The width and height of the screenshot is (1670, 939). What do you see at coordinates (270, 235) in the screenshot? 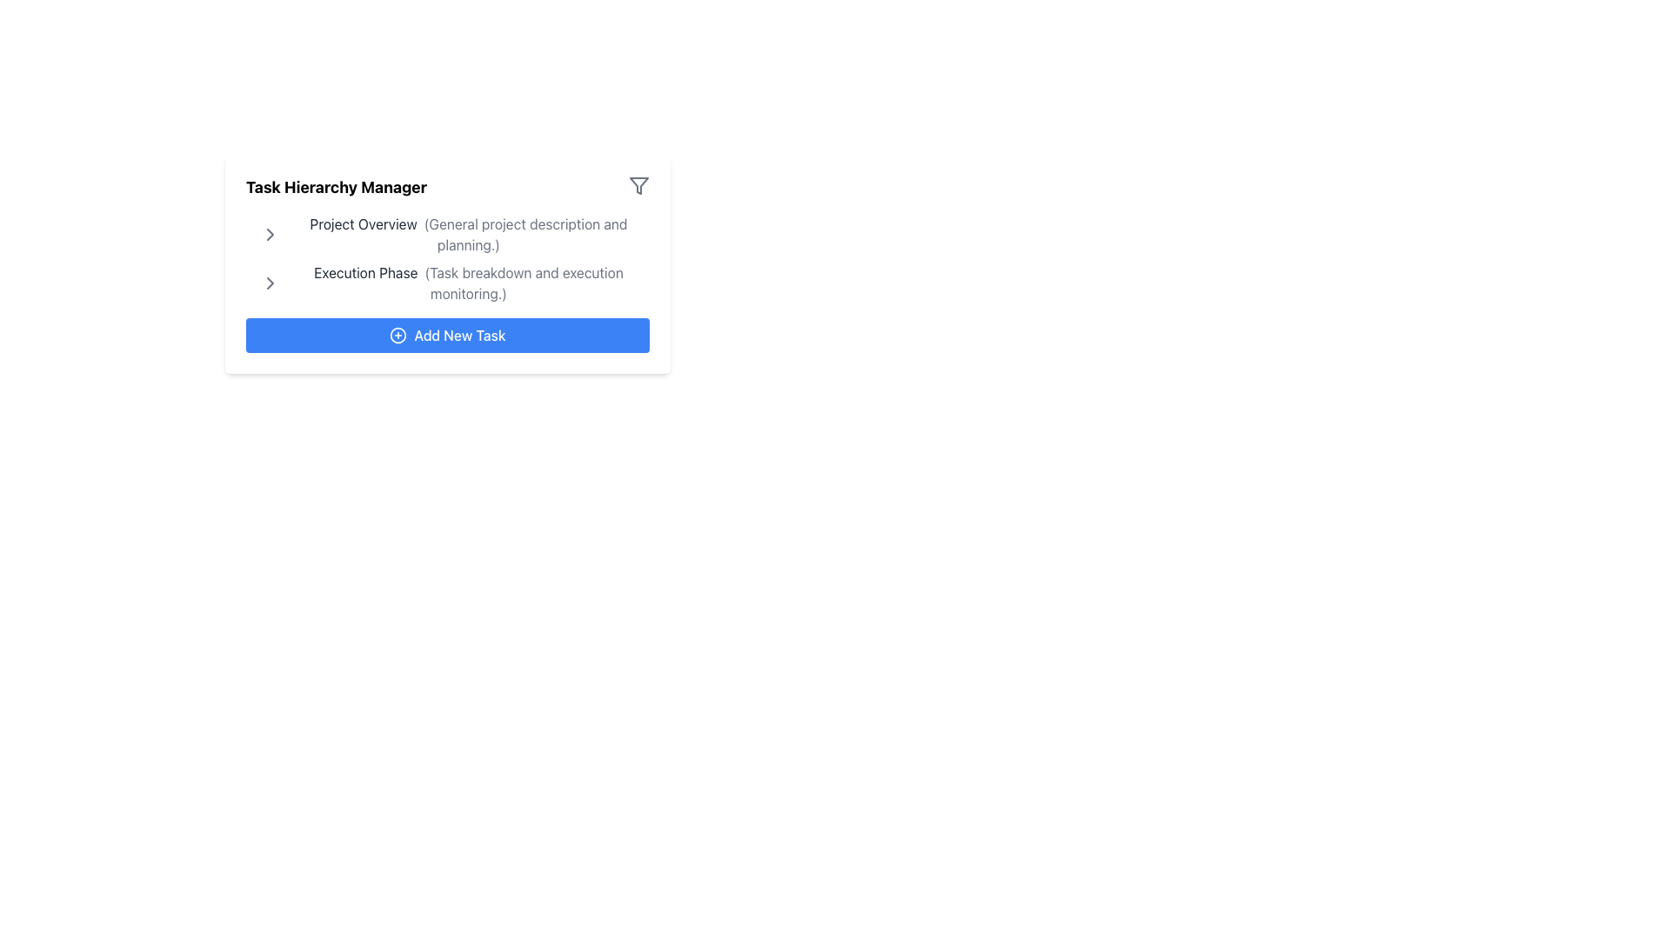
I see `the right-pointing gray chevron icon located before the text 'Project Overview'` at bounding box center [270, 235].